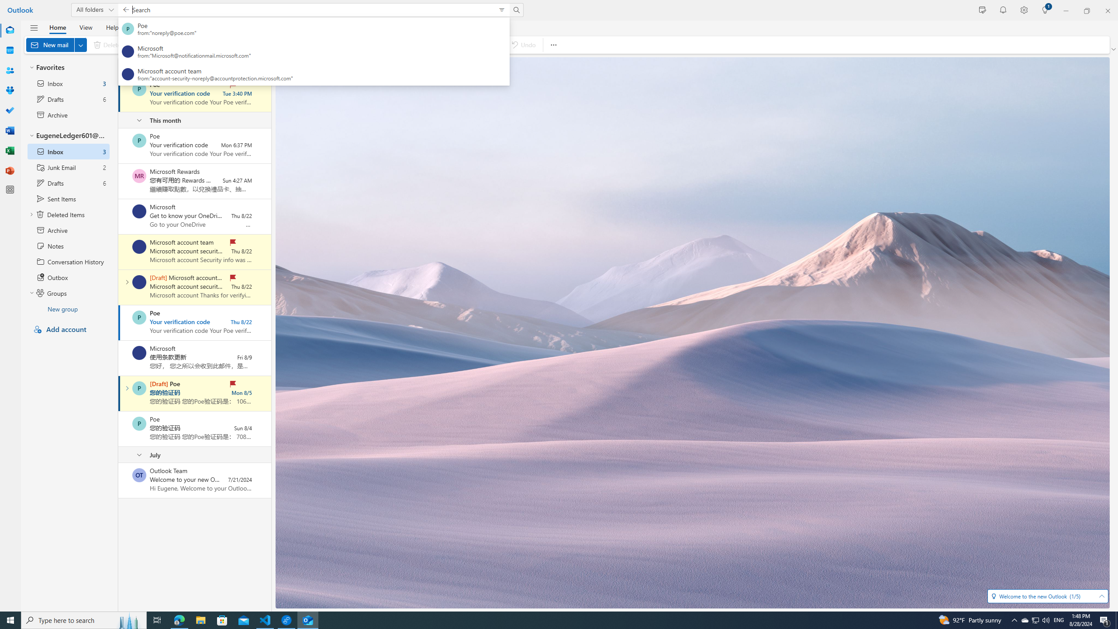 The image size is (1118, 629). I want to click on 'Home', so click(57, 27).